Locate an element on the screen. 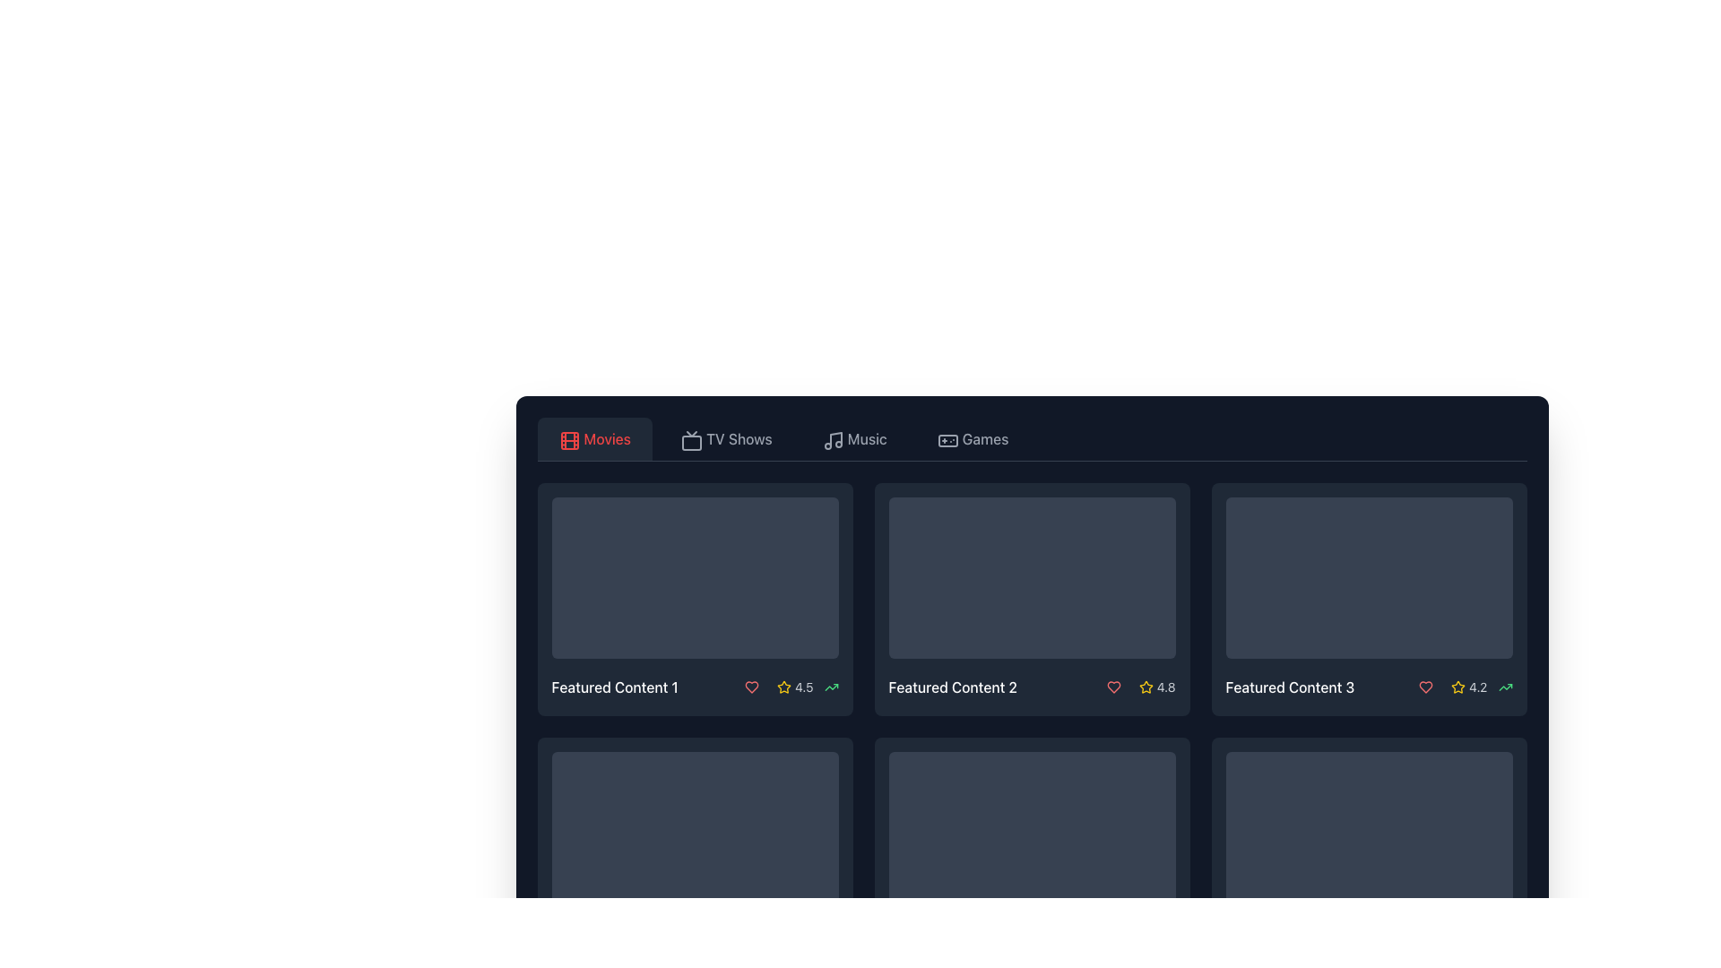 The height and width of the screenshot is (968, 1721). the film reel icon located to the left of the 'Movies' text label in the top navigation bar is located at coordinates (566, 438).